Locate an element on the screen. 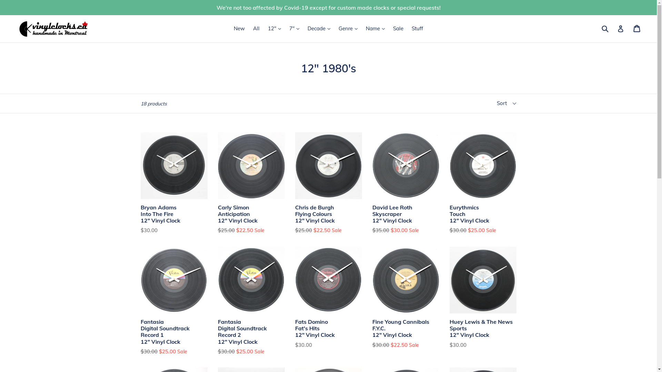 This screenshot has width=662, height=372. 'Fats Domino is located at coordinates (328, 297).